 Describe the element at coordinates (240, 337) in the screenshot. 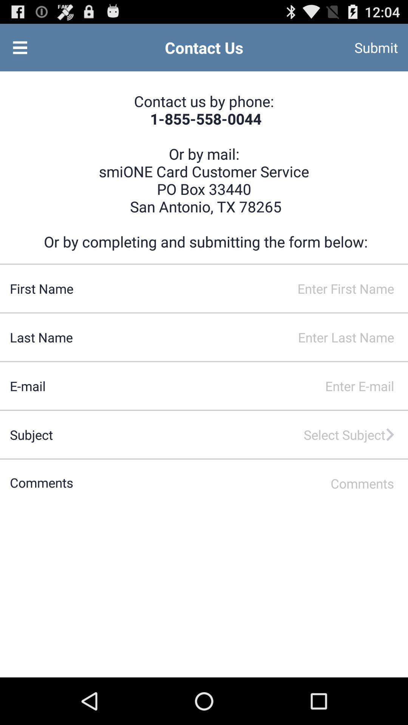

I see `input last name` at that location.